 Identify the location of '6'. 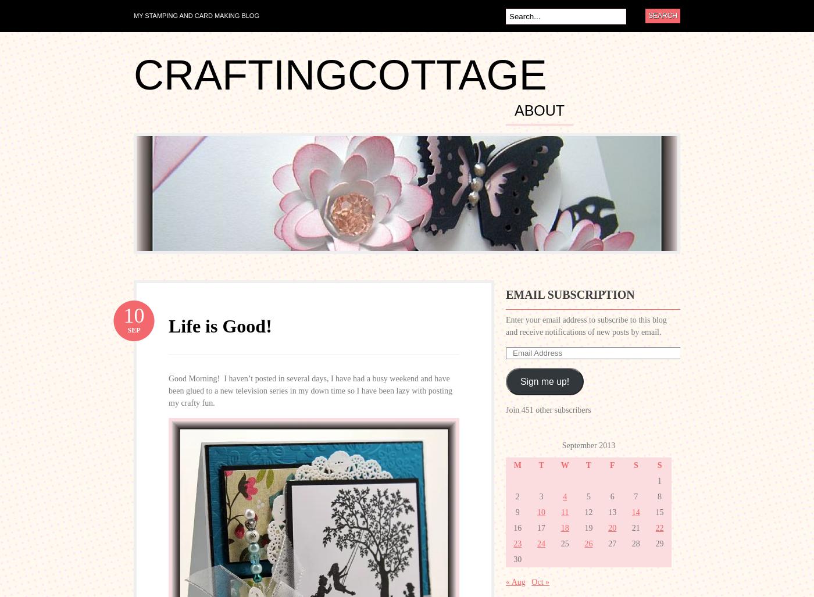
(612, 496).